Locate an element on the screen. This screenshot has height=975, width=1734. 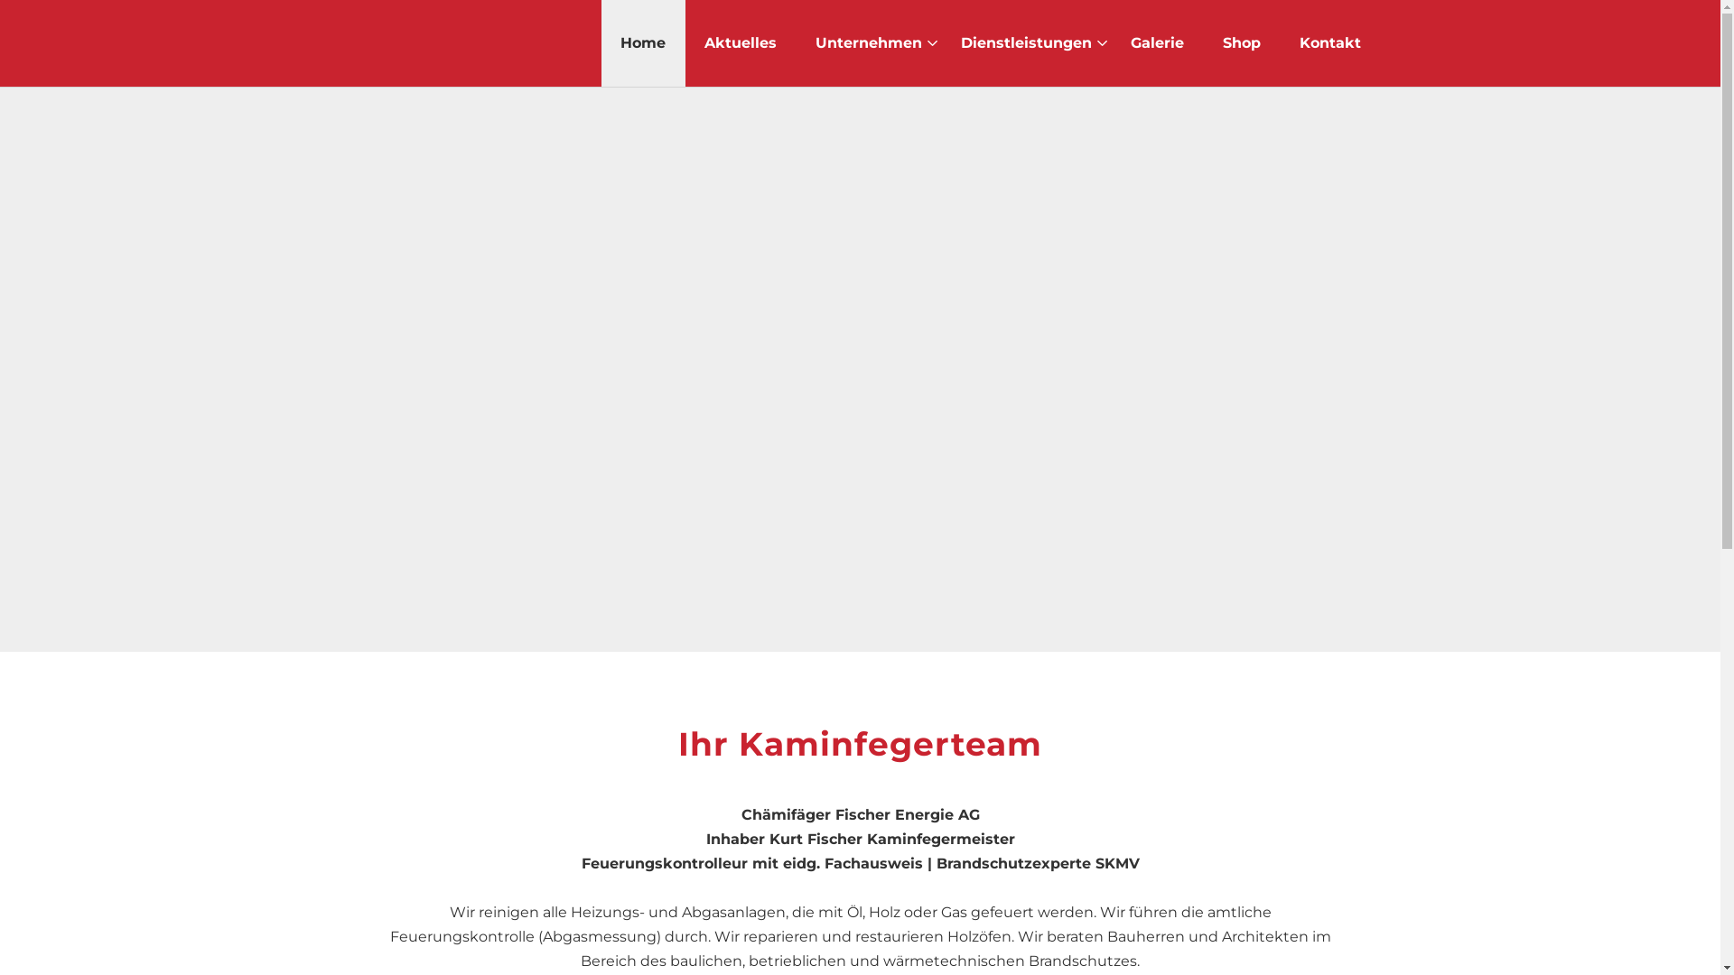
'Galerie' is located at coordinates (1157, 42).